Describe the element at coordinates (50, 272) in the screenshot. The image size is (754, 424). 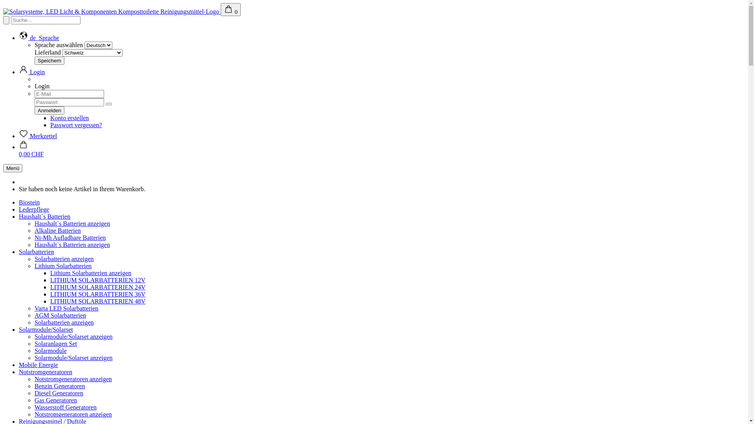
I see `'Lithium Solarbatterien anzeigen'` at that location.